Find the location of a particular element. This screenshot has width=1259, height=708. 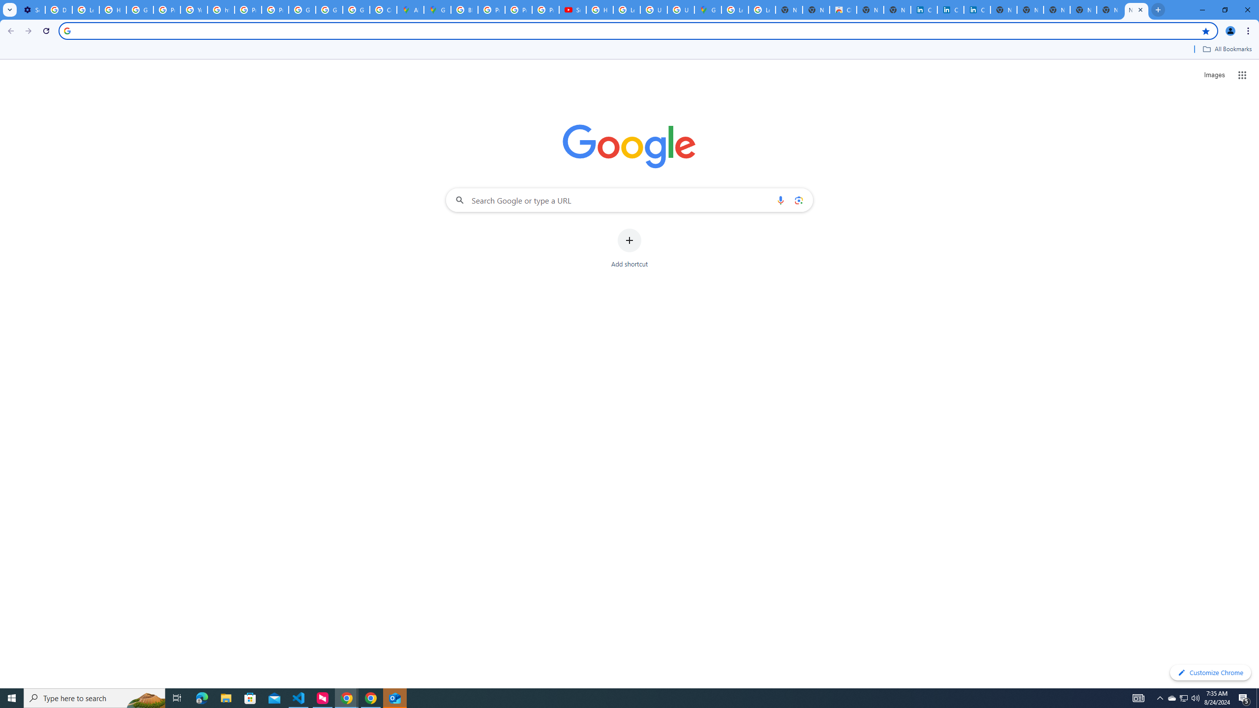

'Copyright Policy' is located at coordinates (976, 9).